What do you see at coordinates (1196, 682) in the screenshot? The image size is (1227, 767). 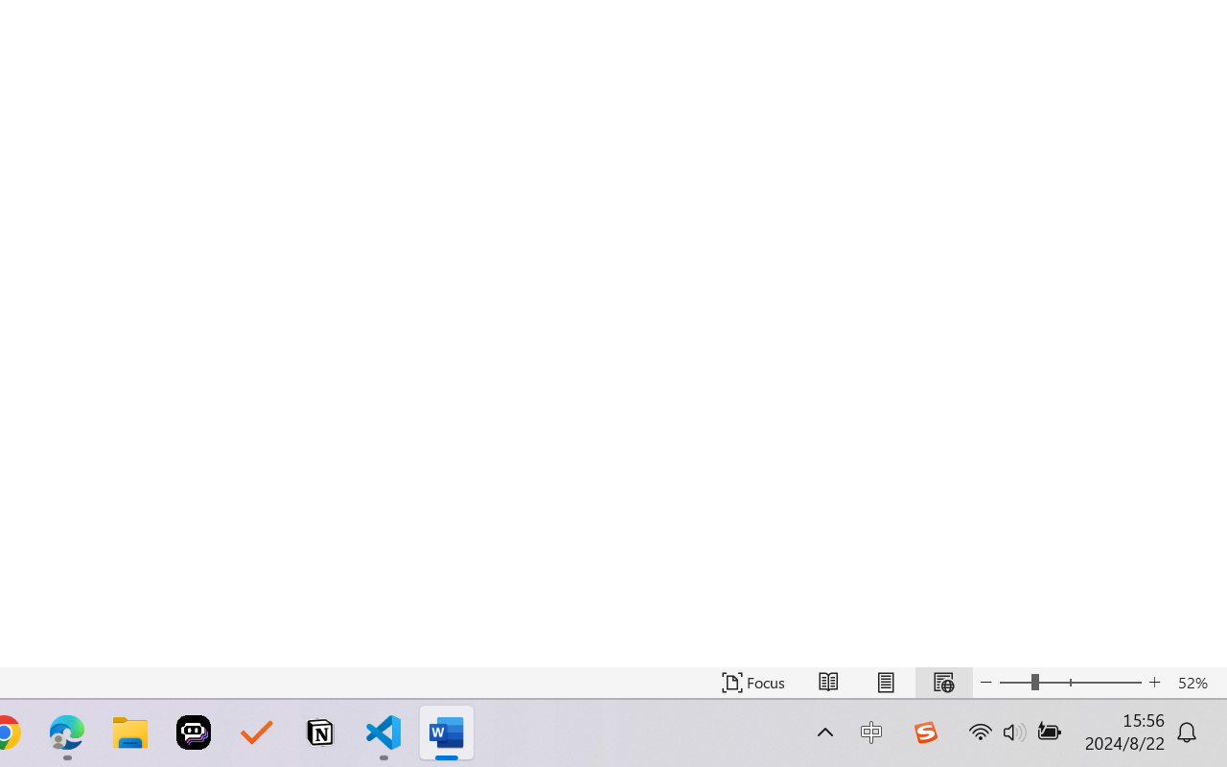 I see `'Zoom 52%'` at bounding box center [1196, 682].